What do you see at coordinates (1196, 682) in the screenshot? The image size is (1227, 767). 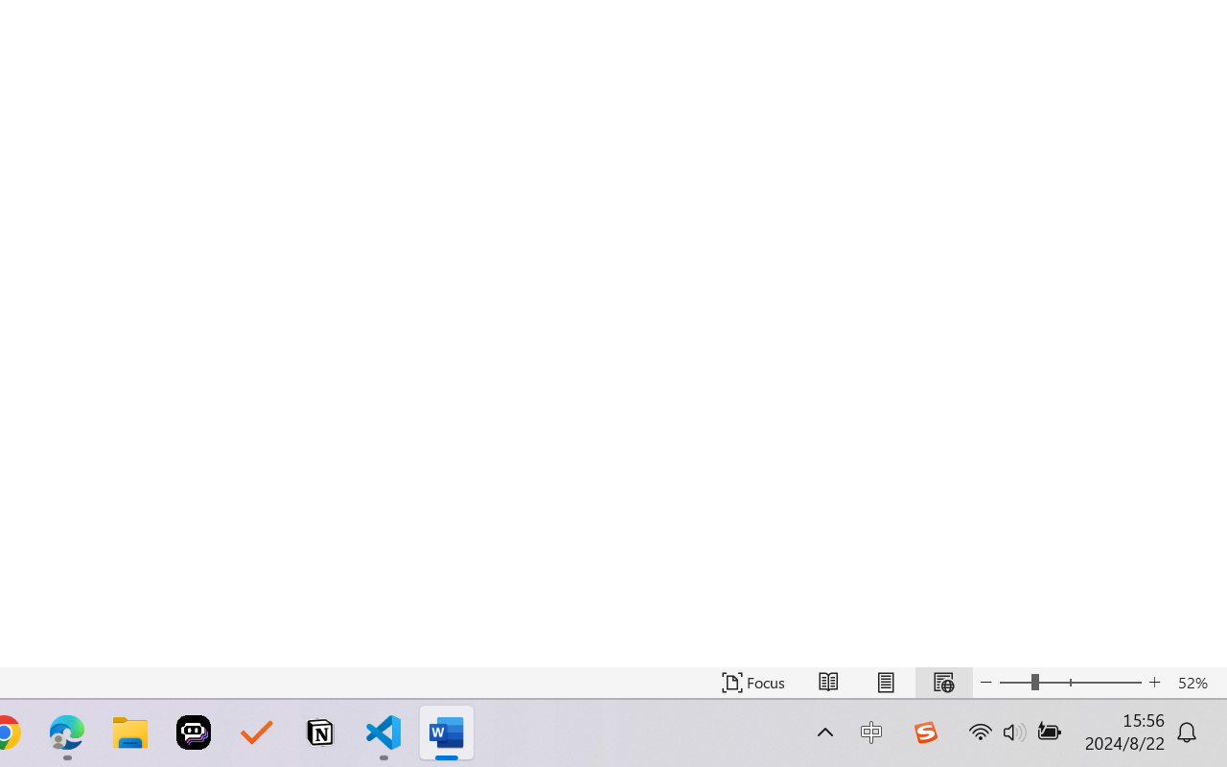 I see `'Zoom 52%'` at bounding box center [1196, 682].